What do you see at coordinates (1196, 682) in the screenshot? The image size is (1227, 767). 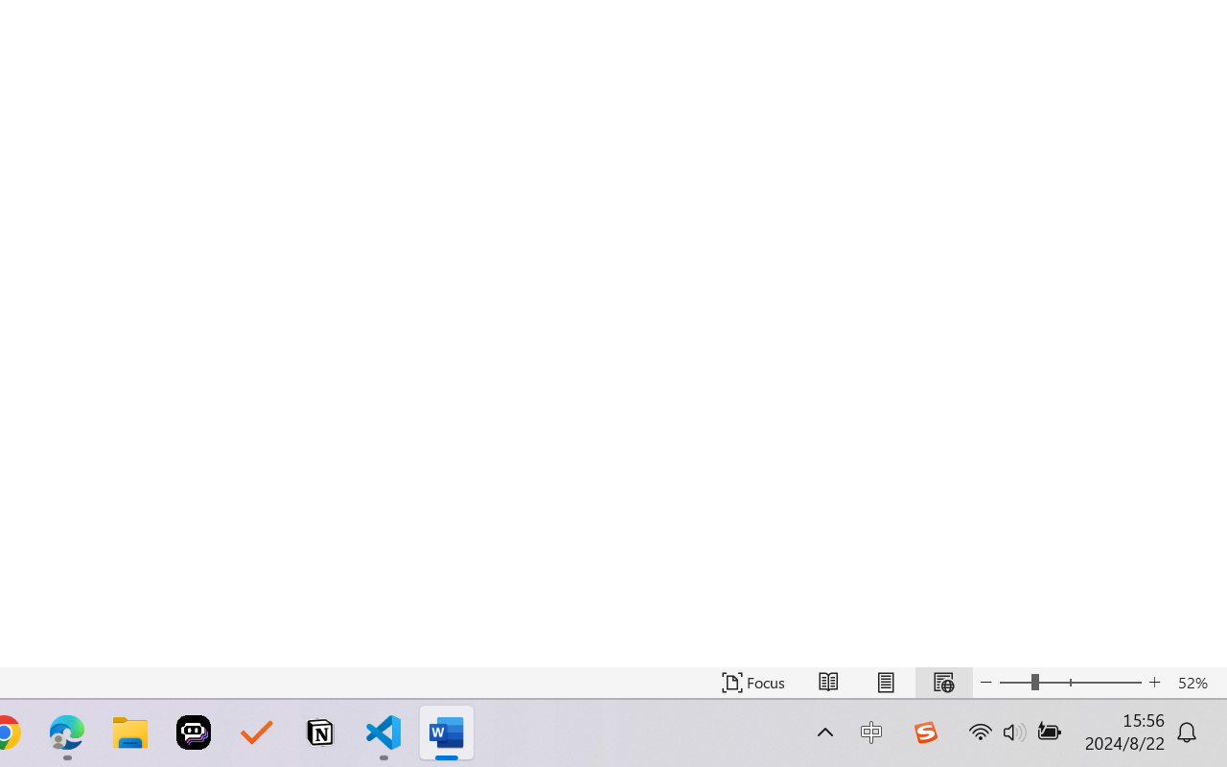 I see `'Zoom 52%'` at bounding box center [1196, 682].